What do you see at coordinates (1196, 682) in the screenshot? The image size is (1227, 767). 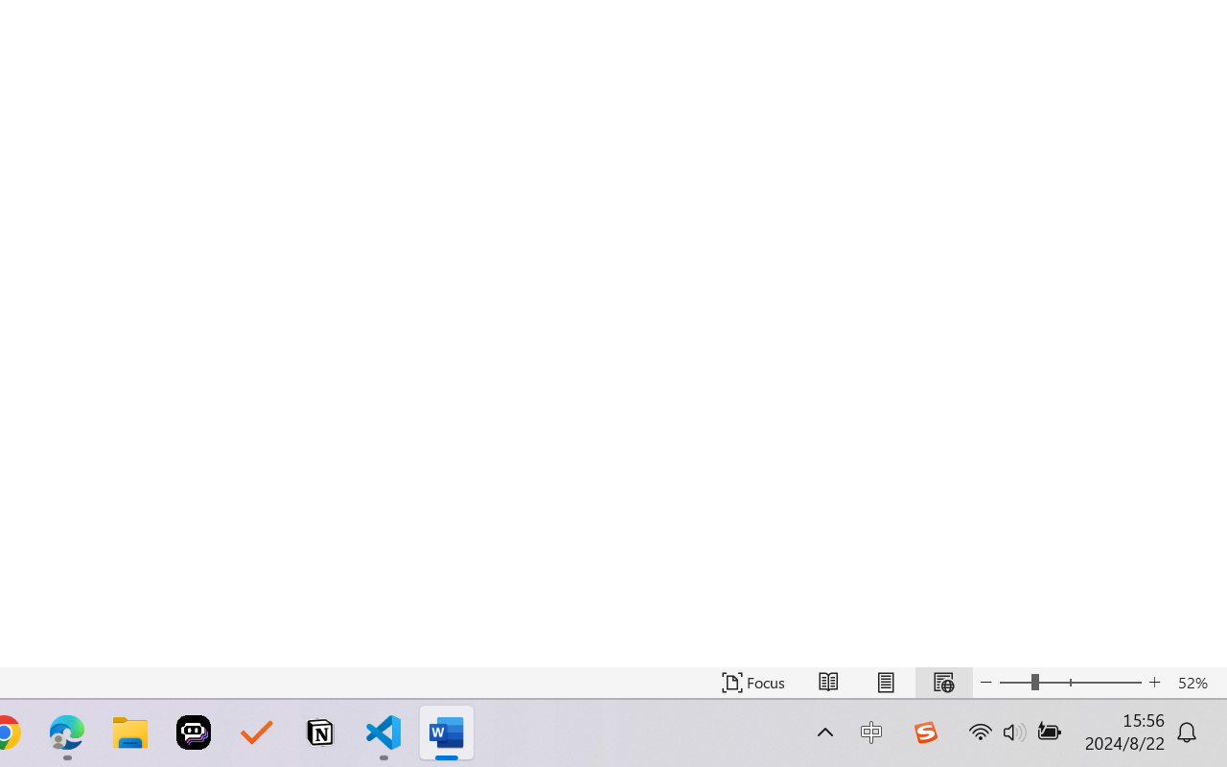 I see `'Zoom 52%'` at bounding box center [1196, 682].